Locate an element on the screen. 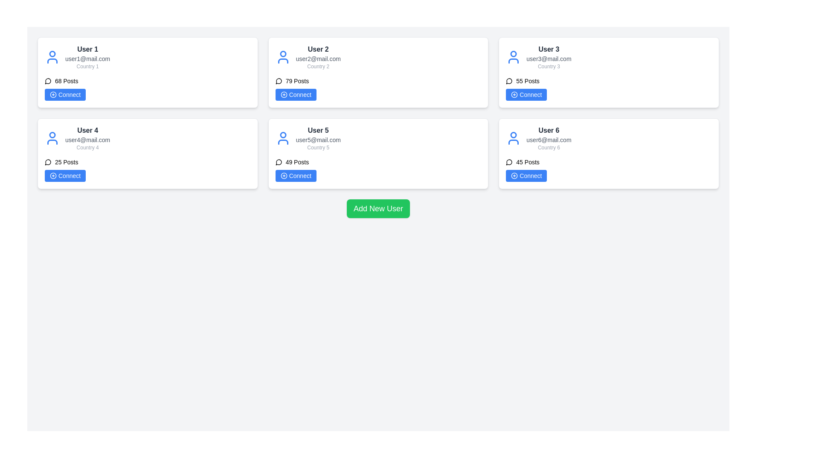 This screenshot has width=819, height=461. the addition icon located within the 'Connect' button for 'User 3' in the top row, third column of the layout is located at coordinates (514, 95).